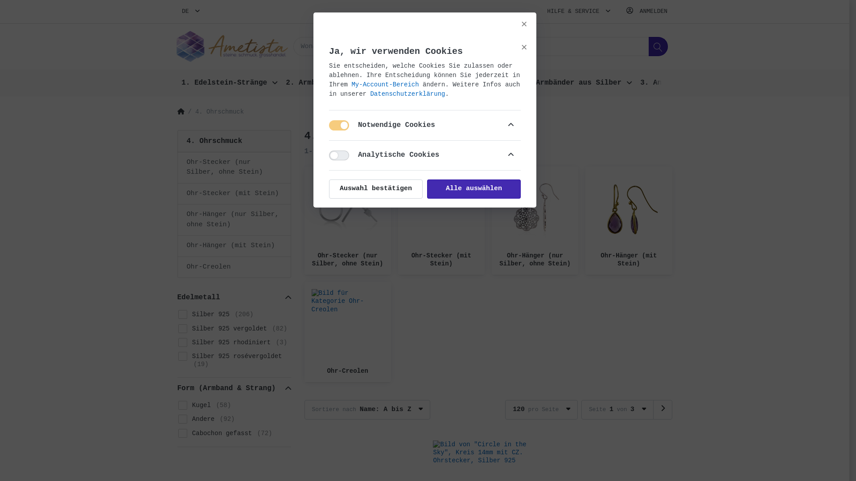 The height and width of the screenshot is (481, 856). I want to click on 'Edelmetall', so click(234, 297).